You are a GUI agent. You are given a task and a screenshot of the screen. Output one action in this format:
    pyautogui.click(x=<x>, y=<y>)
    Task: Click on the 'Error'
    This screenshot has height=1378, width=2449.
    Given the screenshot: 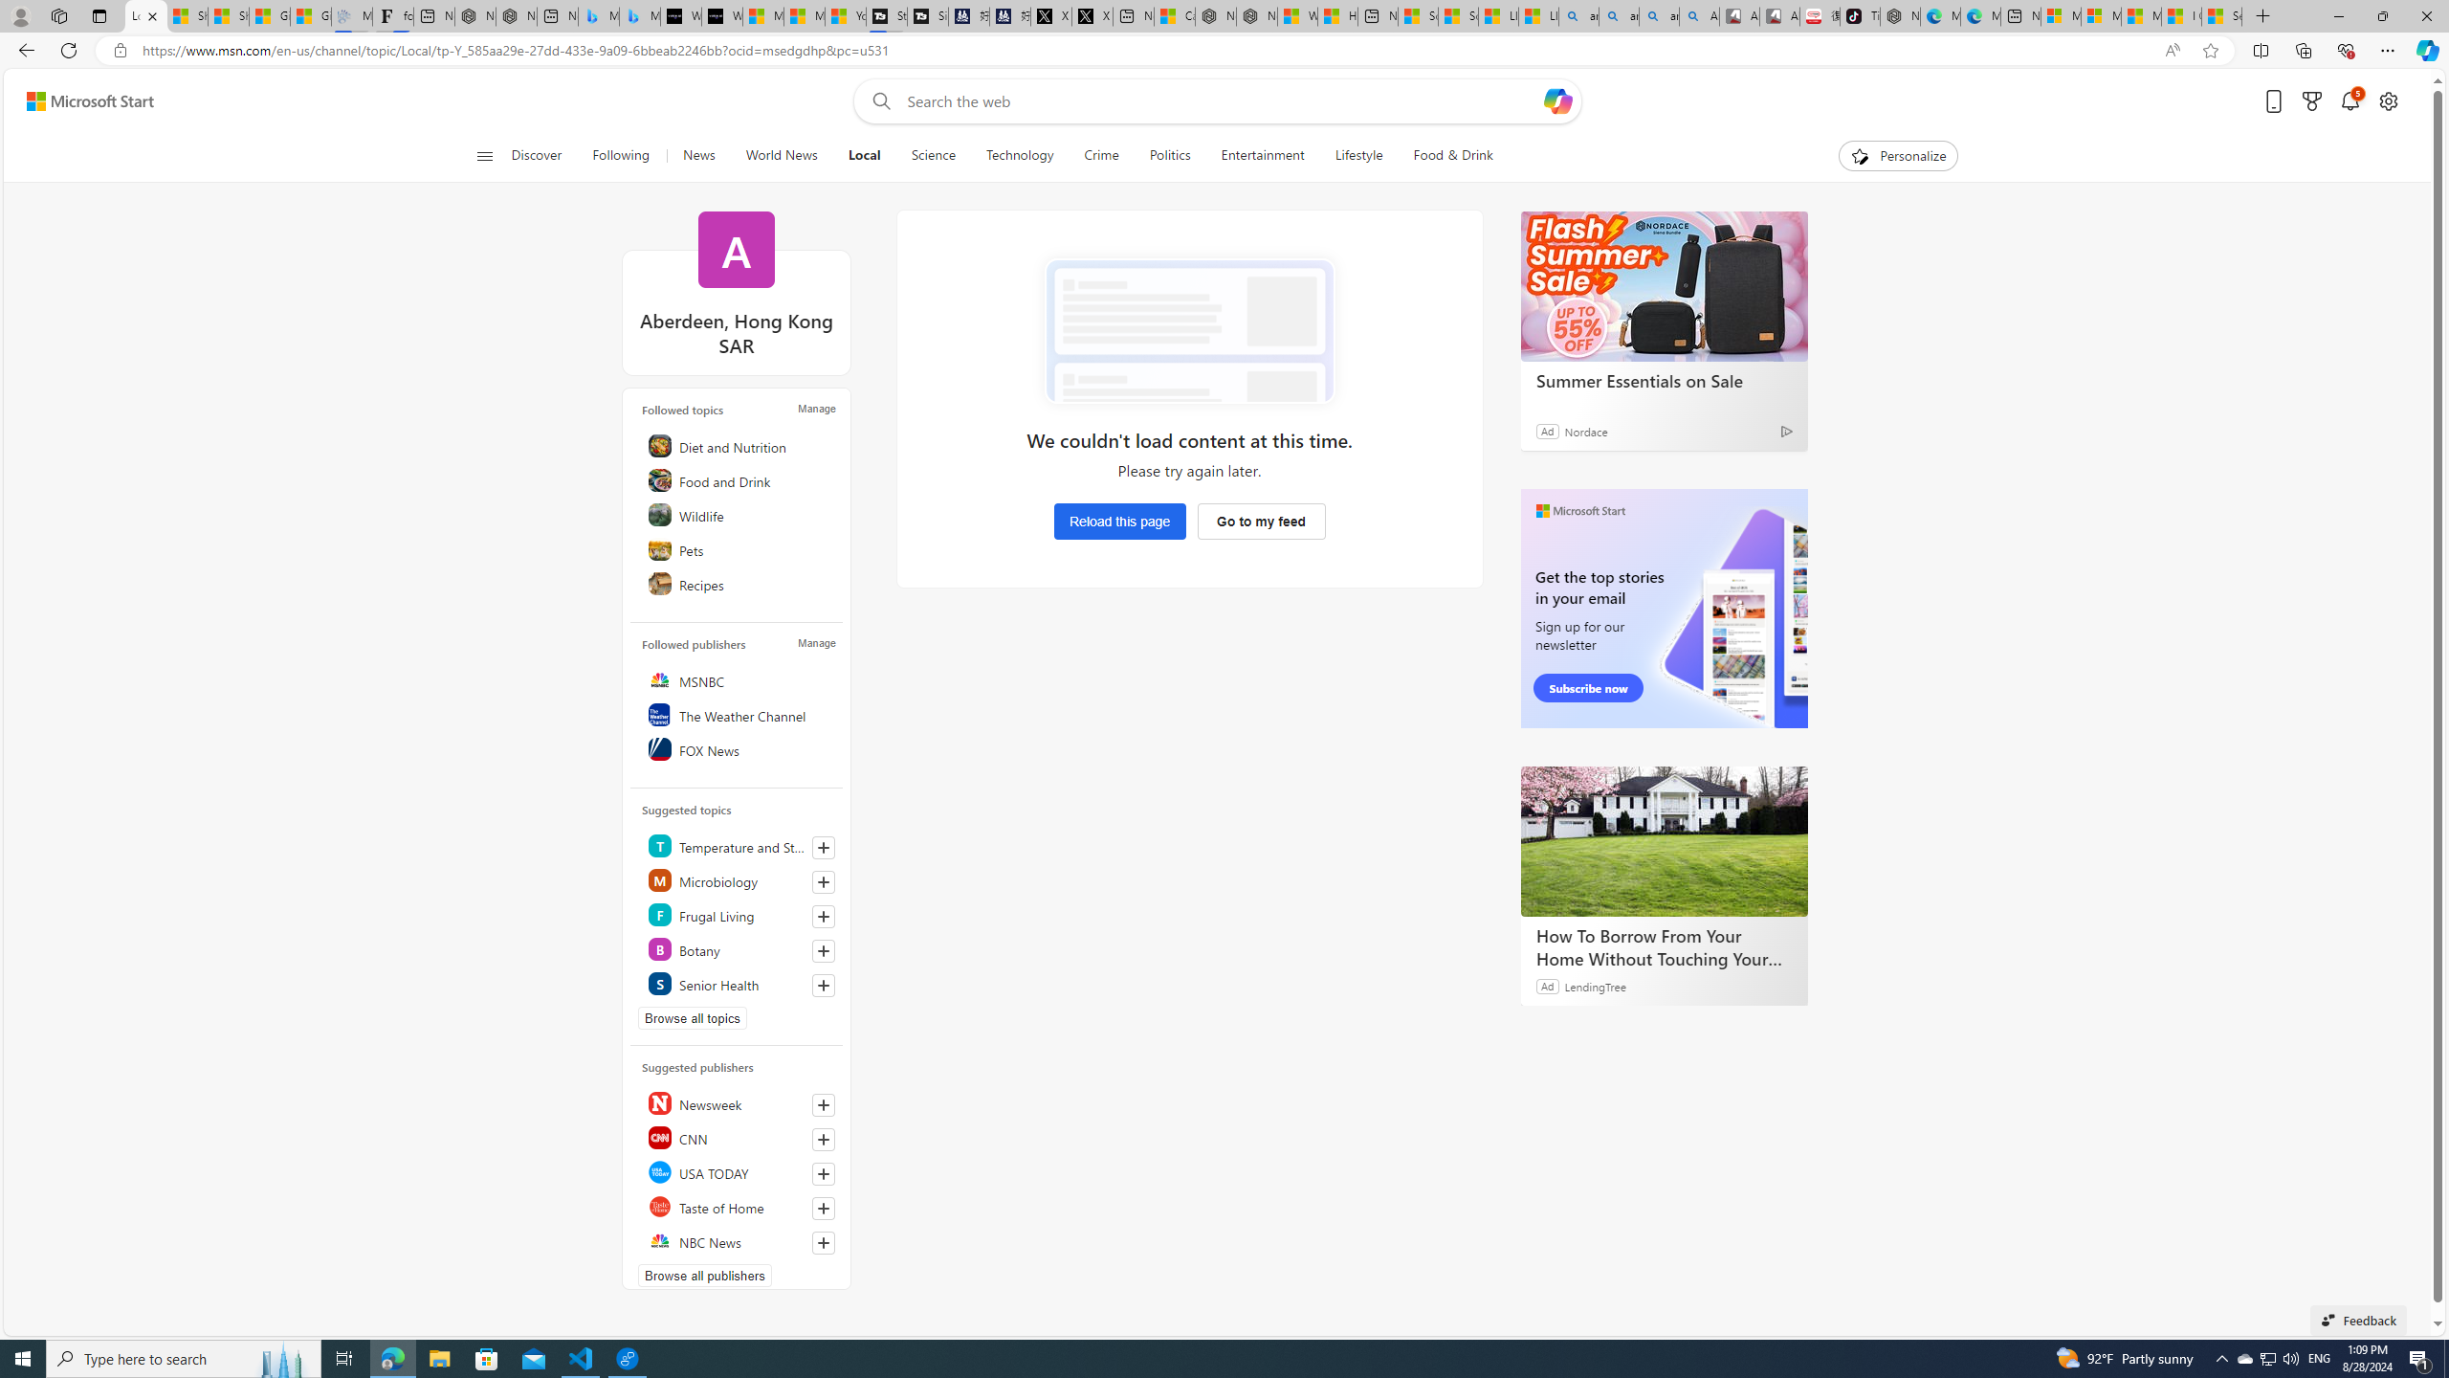 What is the action you would take?
    pyautogui.click(x=1188, y=330)
    